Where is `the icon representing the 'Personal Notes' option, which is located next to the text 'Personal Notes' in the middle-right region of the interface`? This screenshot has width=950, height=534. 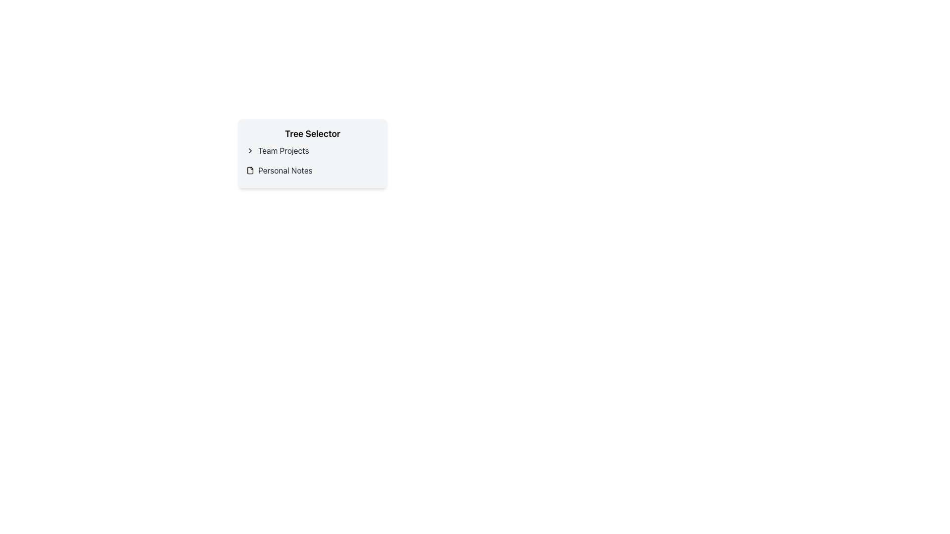 the icon representing the 'Personal Notes' option, which is located next to the text 'Personal Notes' in the middle-right region of the interface is located at coordinates (250, 170).